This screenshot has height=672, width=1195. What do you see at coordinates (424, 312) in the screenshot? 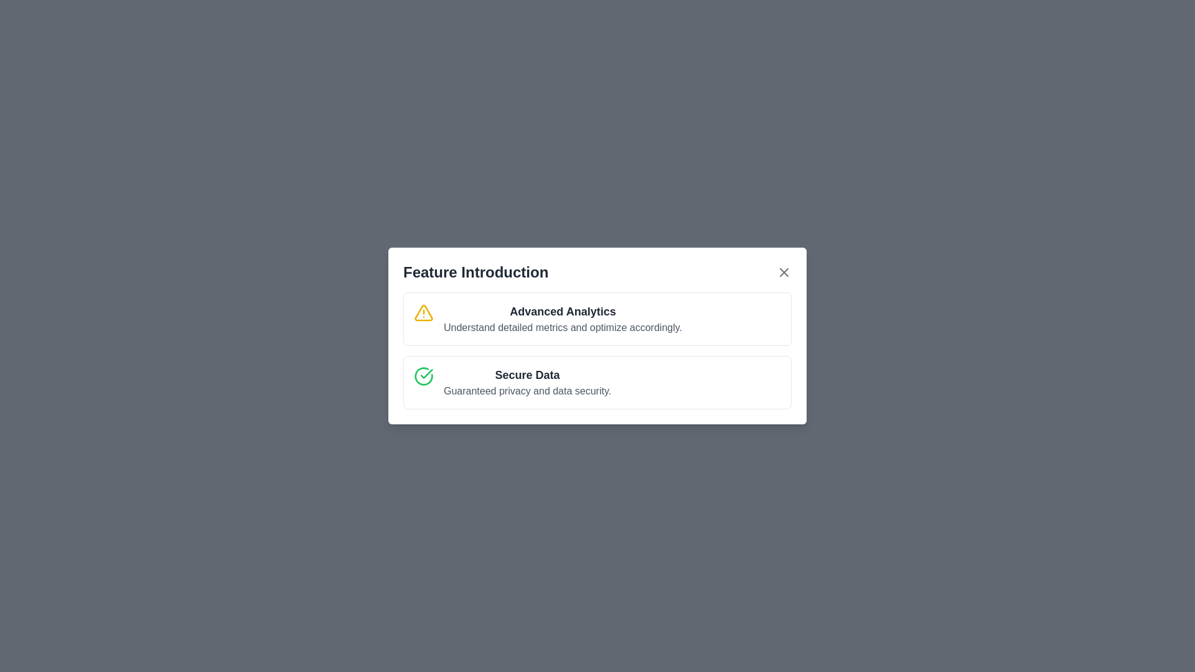
I see `the triangular warning icon with a yellow border and an exclamation mark in the center, located to the left of the 'Advanced Analytics' text` at bounding box center [424, 312].